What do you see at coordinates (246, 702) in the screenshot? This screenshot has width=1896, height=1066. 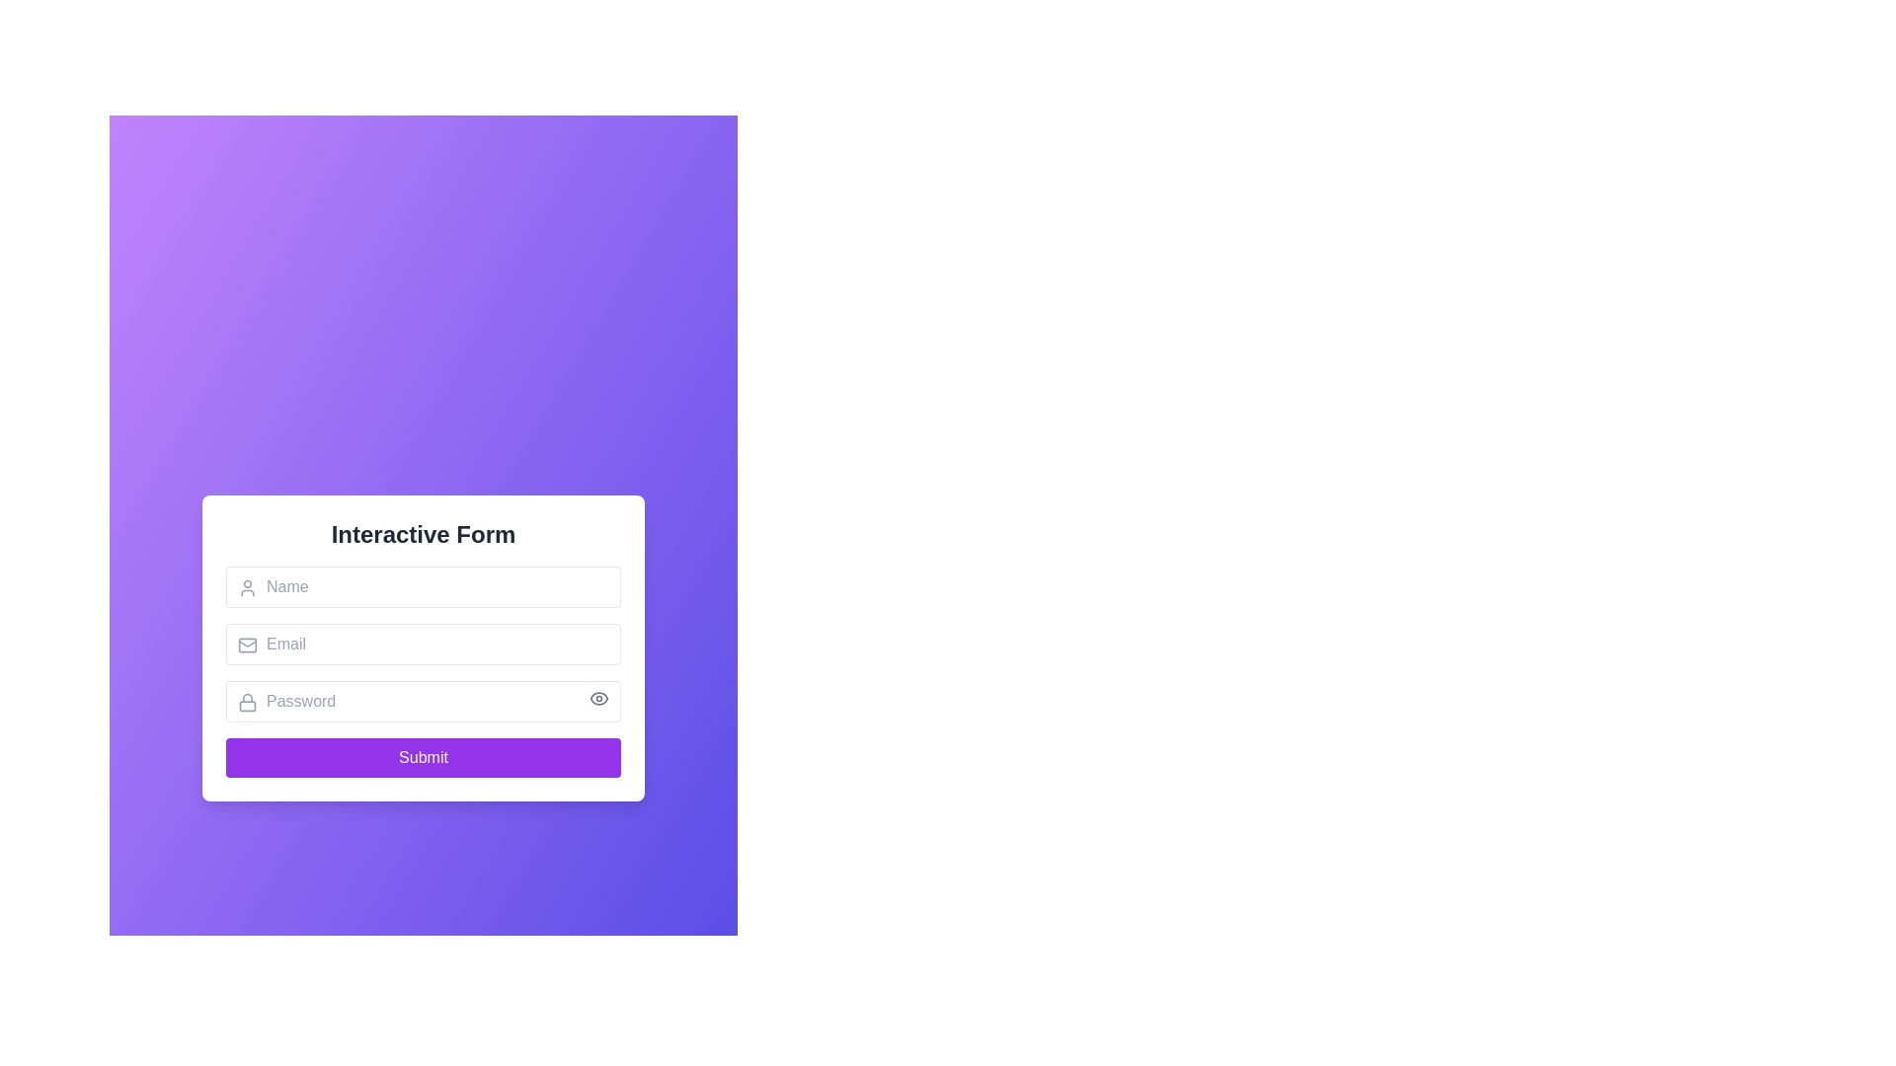 I see `the security icon indicating the password input field, which is positioned to the left of the password input box` at bounding box center [246, 702].